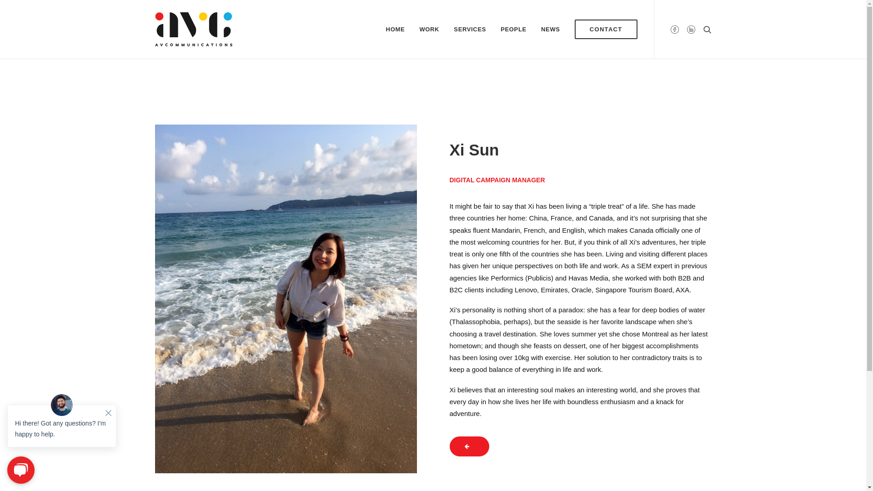 The height and width of the screenshot is (491, 873). I want to click on 'HOME', so click(395, 29).